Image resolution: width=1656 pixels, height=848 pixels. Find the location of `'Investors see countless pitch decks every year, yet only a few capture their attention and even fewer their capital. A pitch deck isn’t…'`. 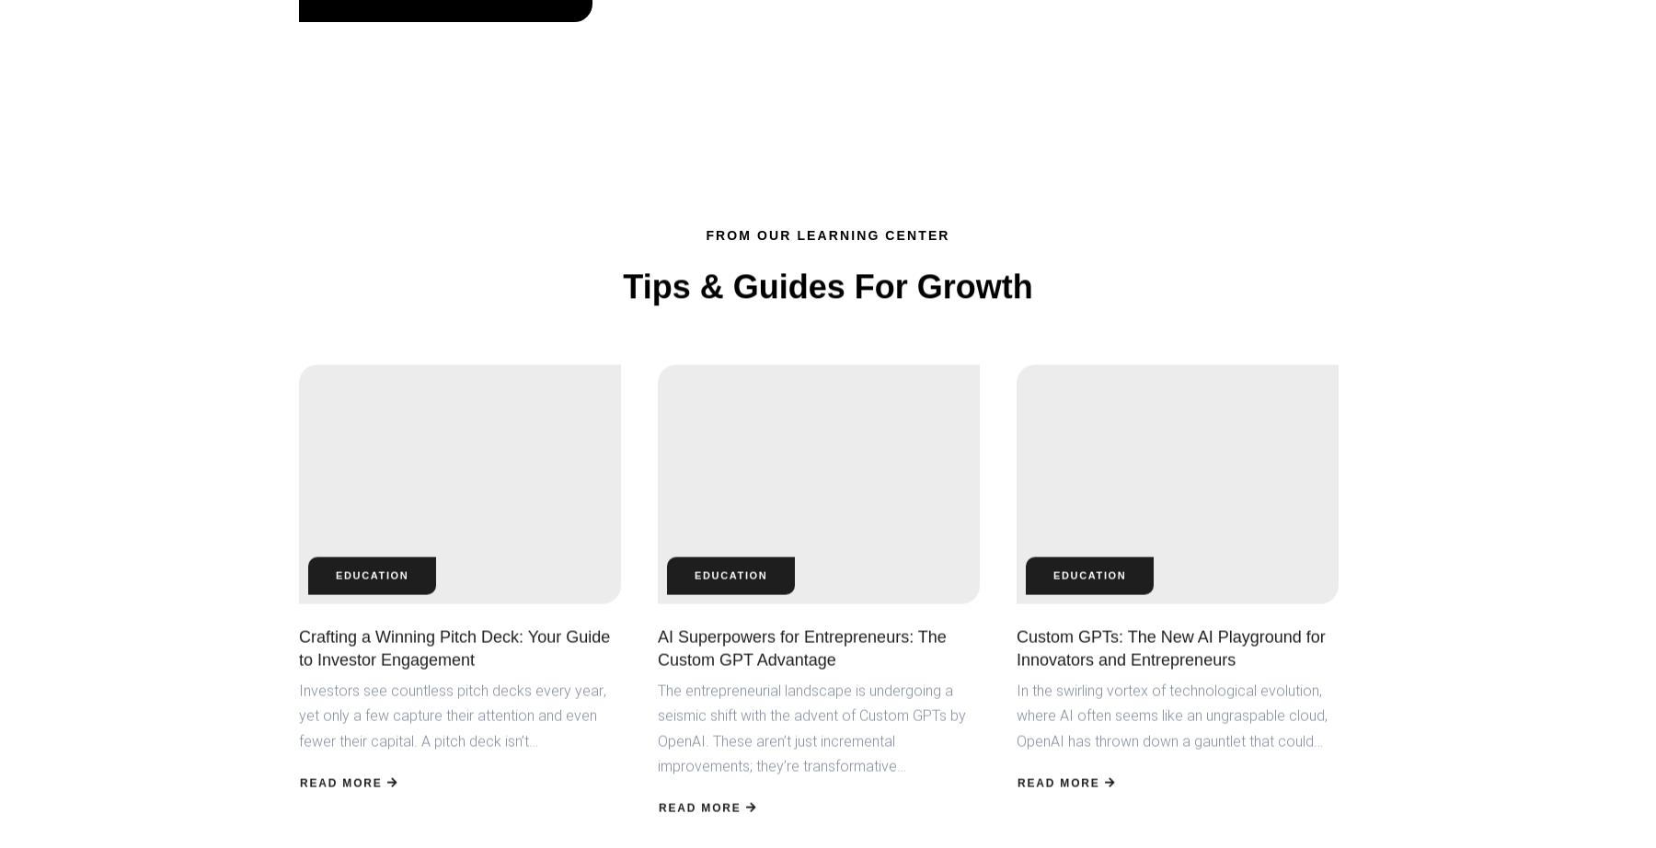

'Investors see countless pitch decks every year, yet only a few capture their attention and even fewer their capital. A pitch deck isn’t…' is located at coordinates (451, 711).